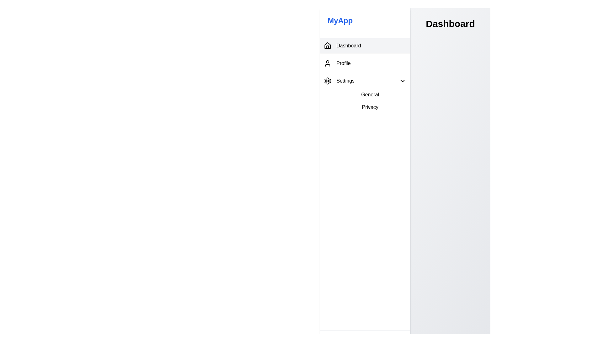  I want to click on the 'Profile' icon located in the sidebar next to the text label 'Profile', so click(327, 63).